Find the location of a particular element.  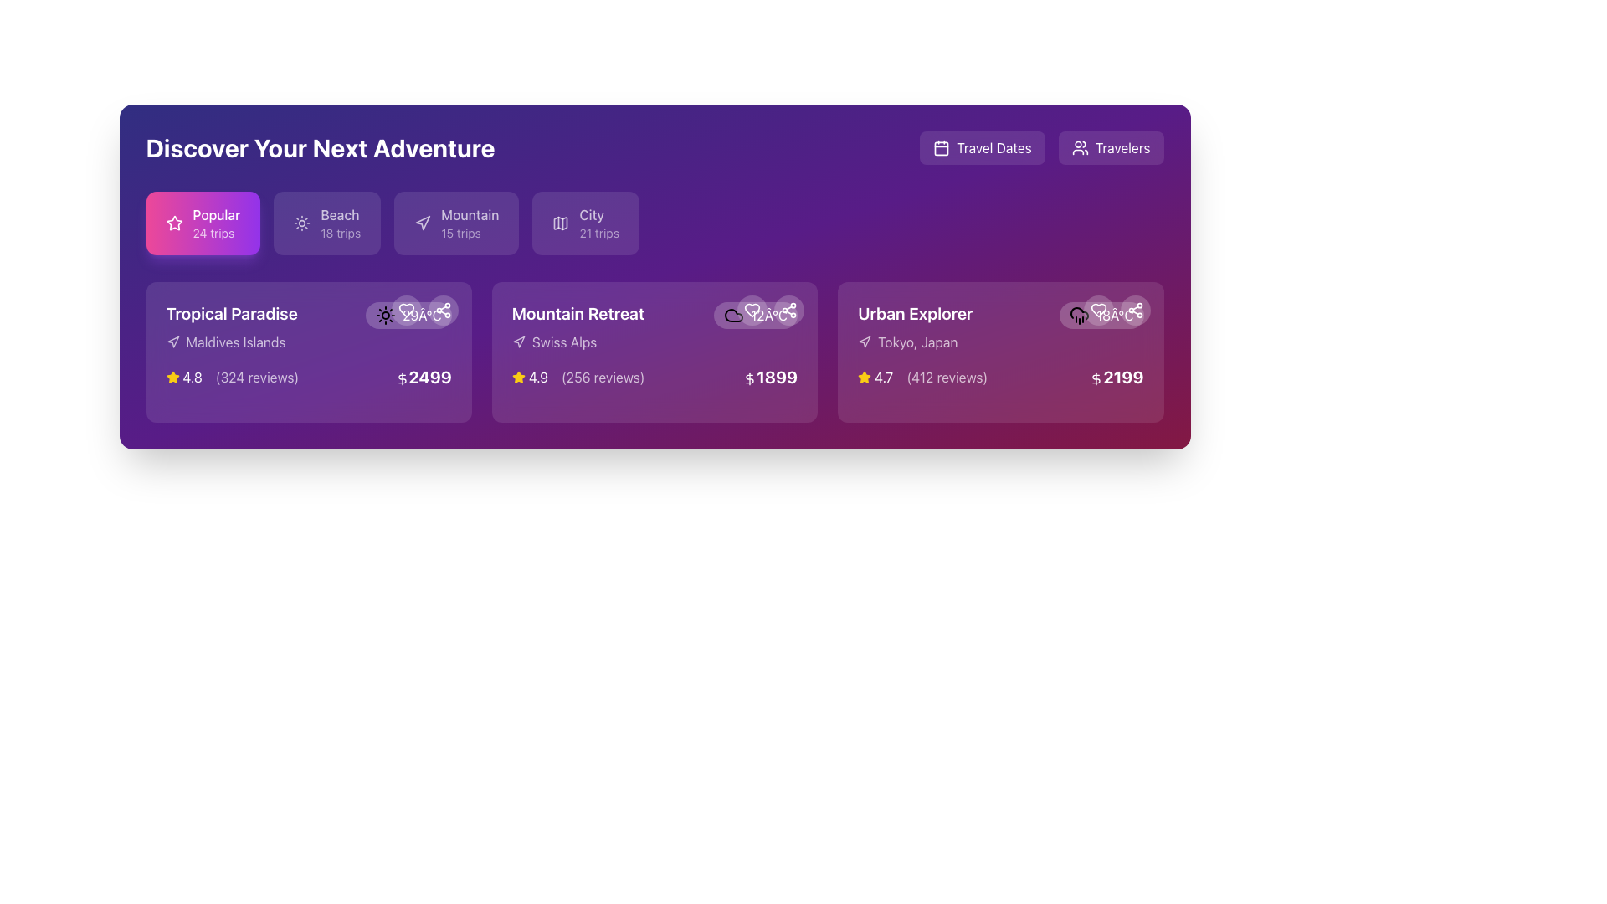

the travel dates button located at the upper-right corner of the interface, which is the first button in a horizontal group to the left of the 'Travelers' button is located at coordinates (982, 147).